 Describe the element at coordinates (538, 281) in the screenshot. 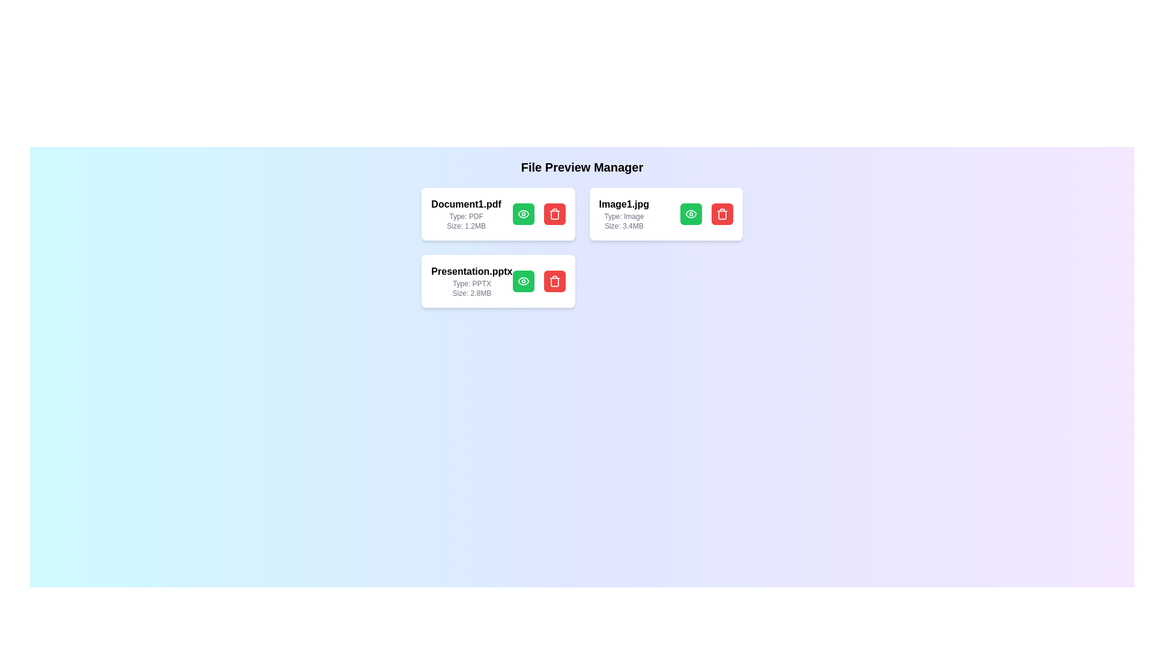

I see `the green button with the eye icon to preview the file associated with the 'Presentation.pptx' entry located in the bottom right section of the item's block` at that location.